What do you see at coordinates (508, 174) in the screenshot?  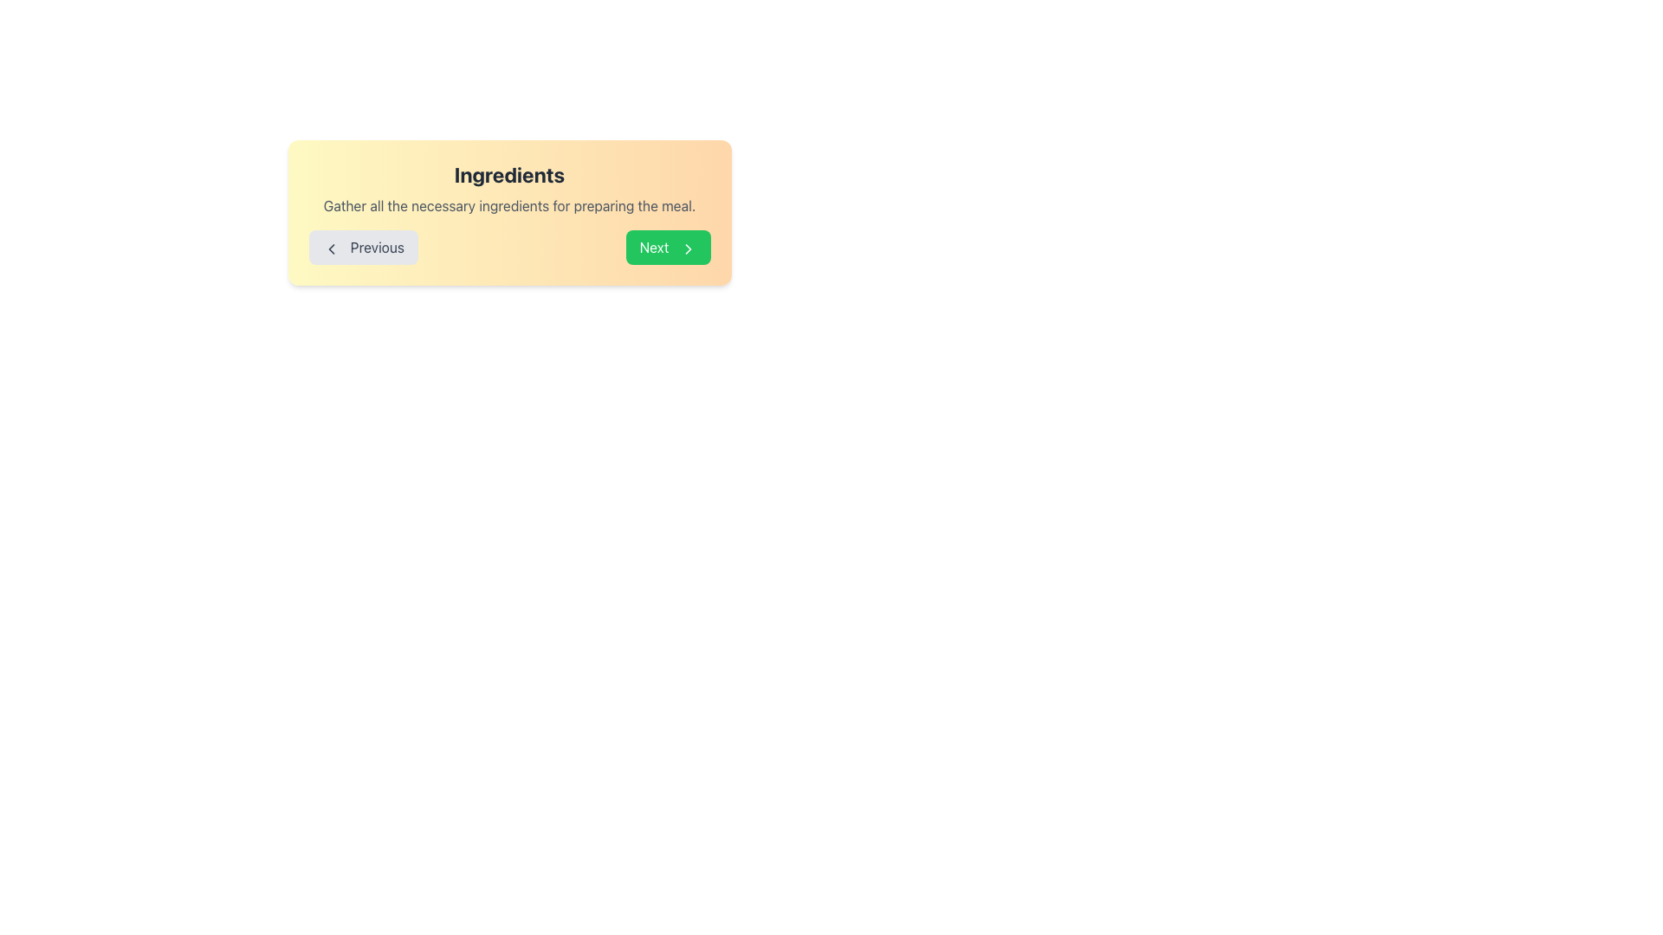 I see `the bold 'Ingredients' text label located at the top section of the rectangular card interface` at bounding box center [508, 174].